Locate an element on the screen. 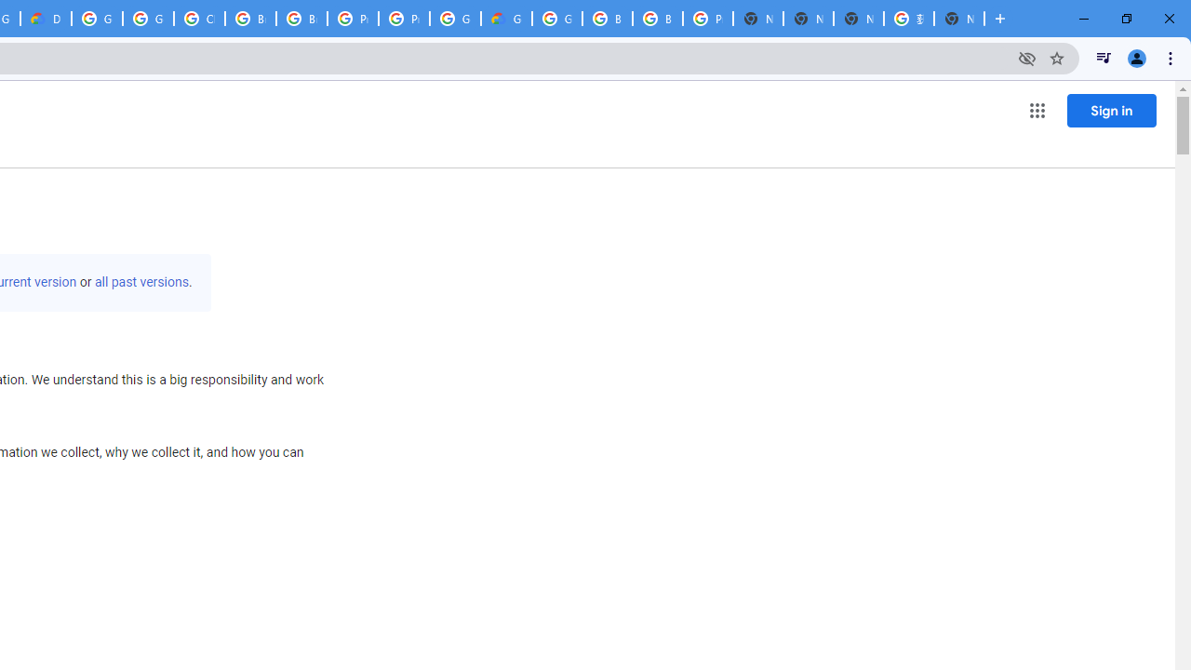 The image size is (1191, 670). 'all past versions' is located at coordinates (141, 282).